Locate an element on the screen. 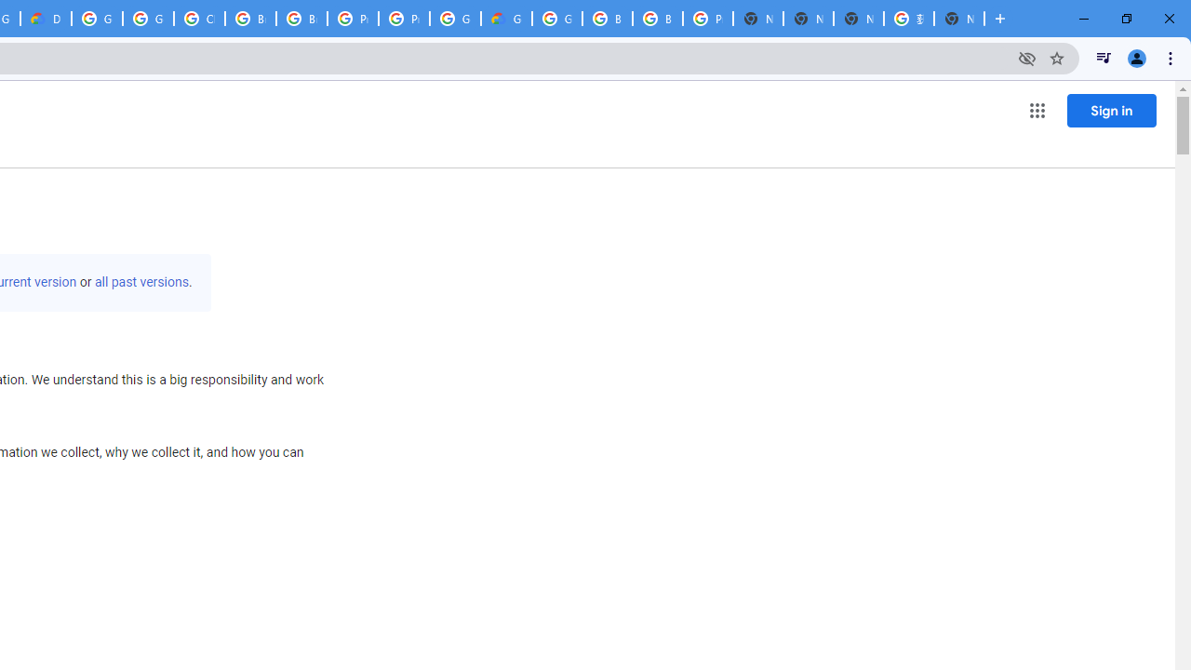 The image size is (1191, 670). 'all past versions' is located at coordinates (141, 282).